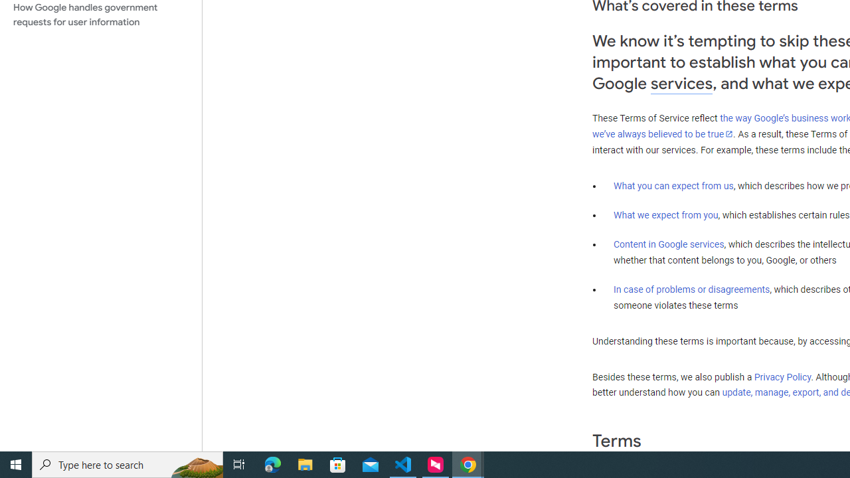 This screenshot has height=478, width=850. I want to click on 'What we expect from you', so click(665, 214).